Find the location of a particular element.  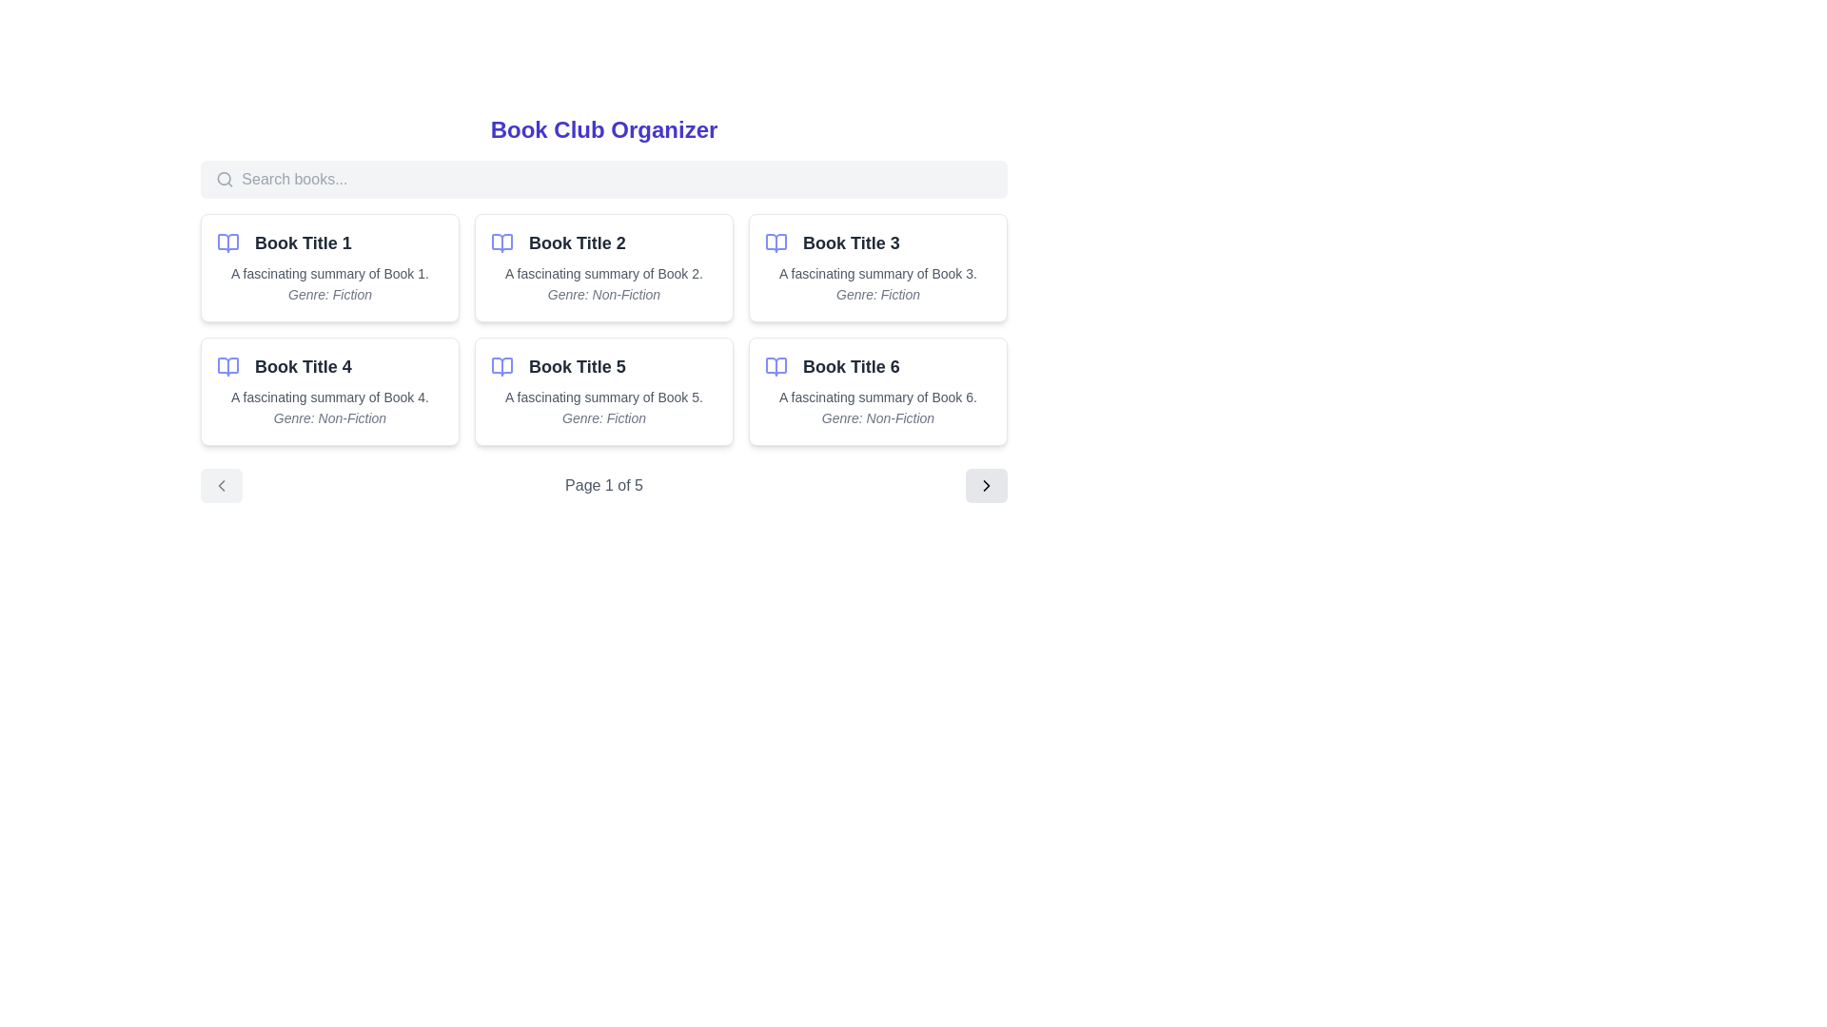

the Text Label providing a brief description for 'Book Title 1' is located at coordinates (329, 274).